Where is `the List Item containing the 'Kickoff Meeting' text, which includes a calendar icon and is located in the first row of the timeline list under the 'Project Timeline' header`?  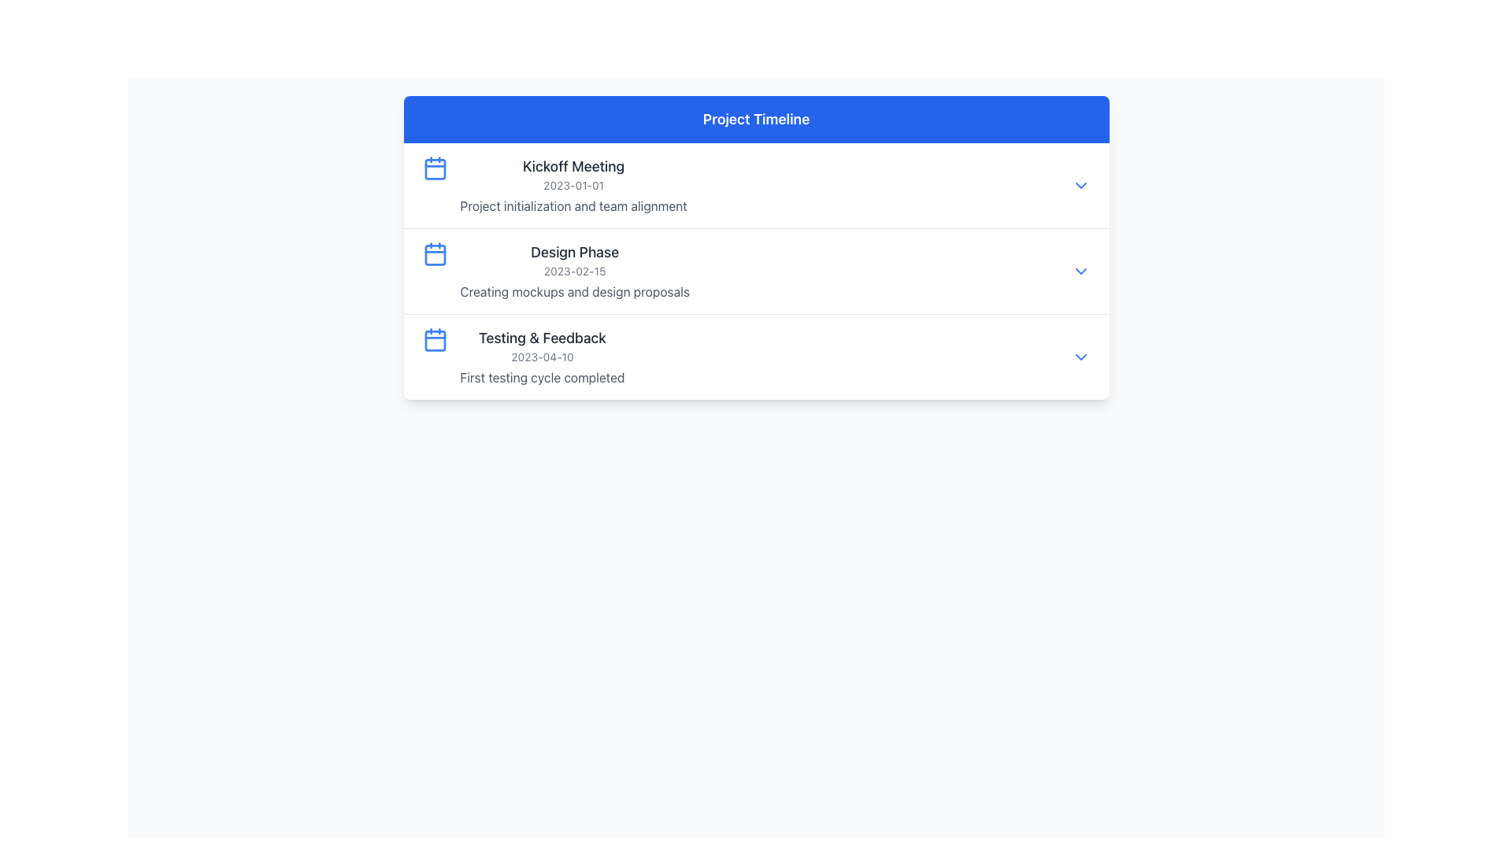
the List Item containing the 'Kickoff Meeting' text, which includes a calendar icon and is located in the first row of the timeline list under the 'Project Timeline' header is located at coordinates (554, 184).